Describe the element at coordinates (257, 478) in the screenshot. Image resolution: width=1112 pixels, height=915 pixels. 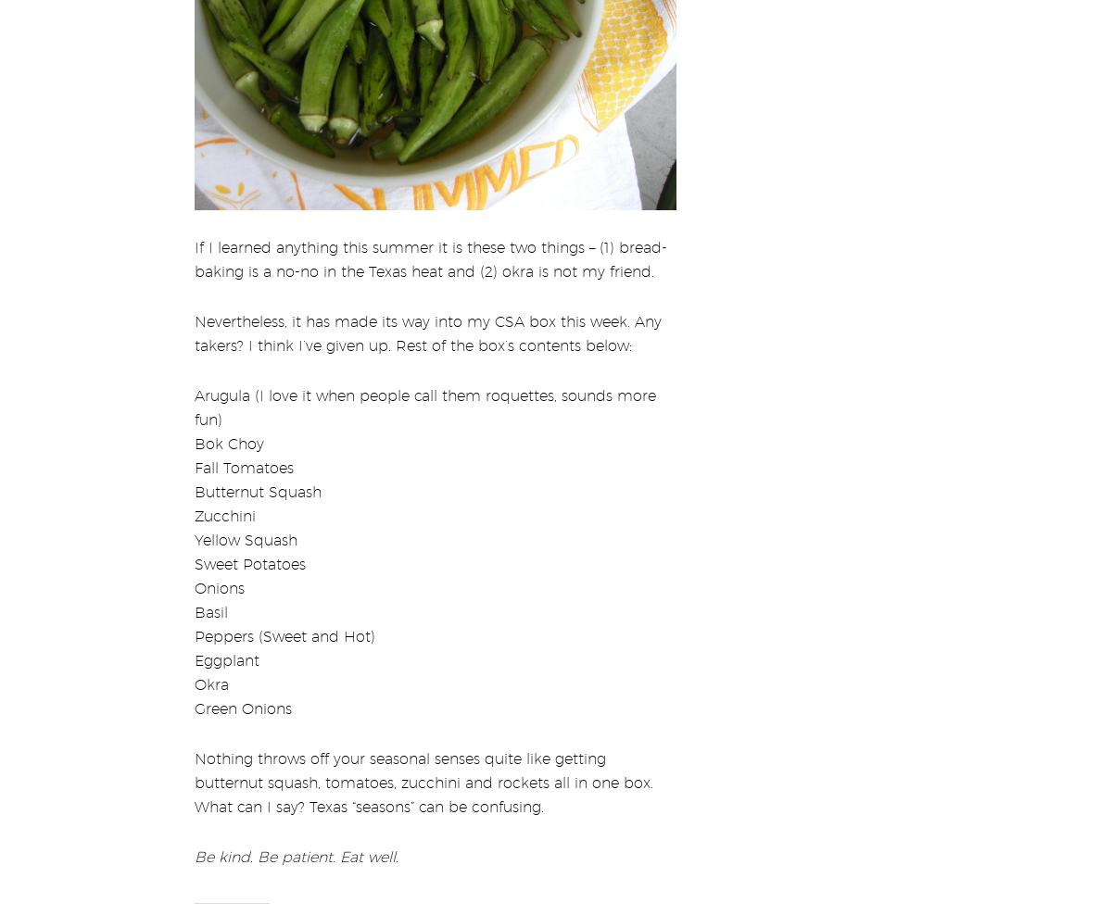
I see `'Butternut Squash'` at that location.